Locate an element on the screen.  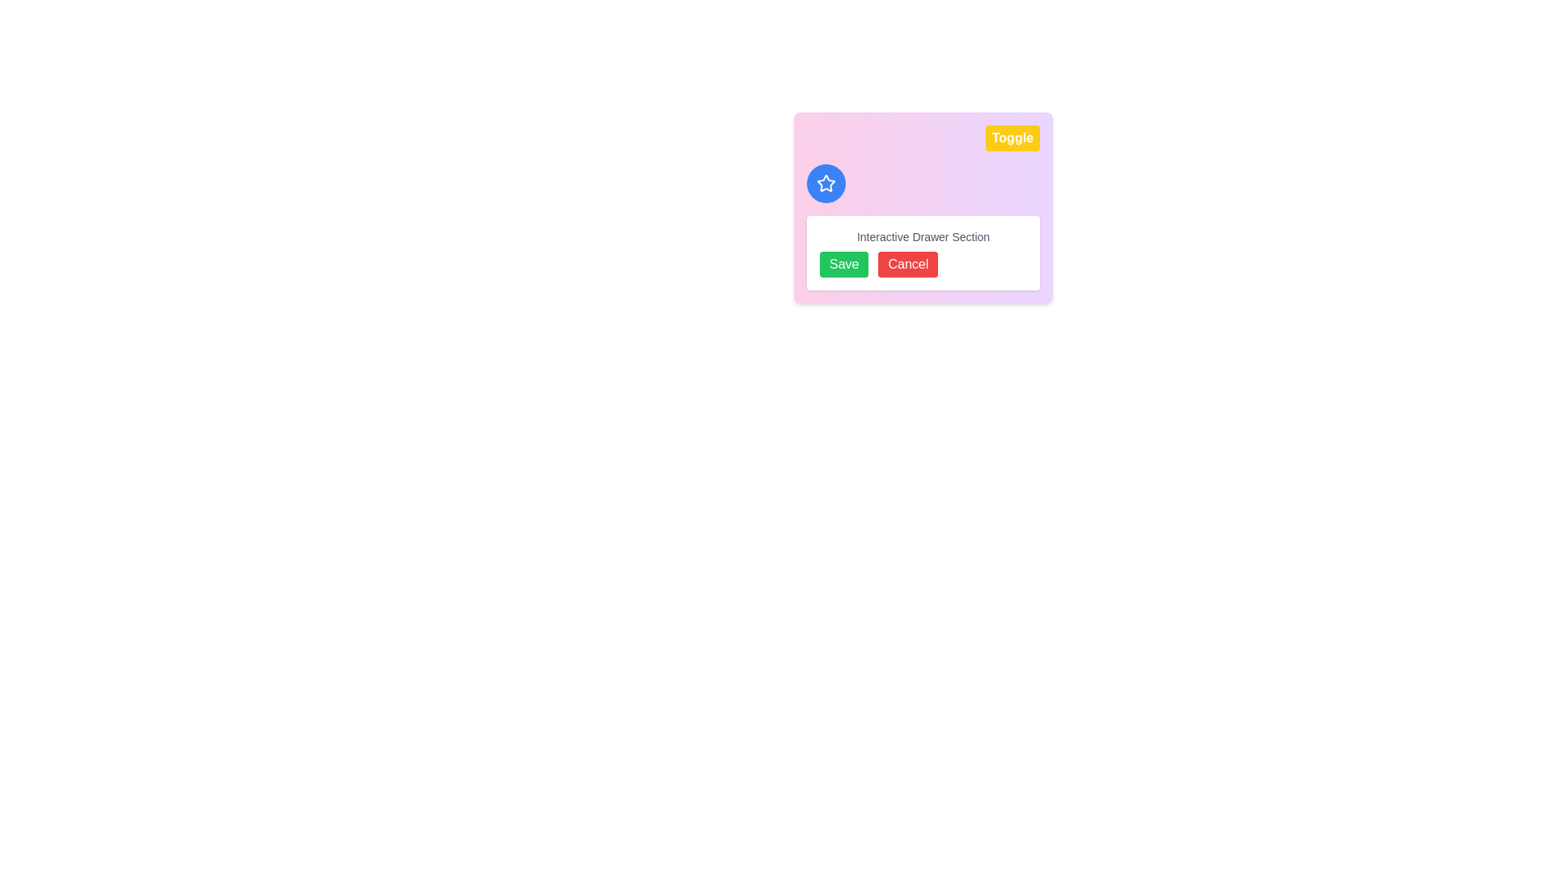
the star-shaped icon outlined in white, which is centrally located within a blue circular background on the upper-left side of the card-like interface is located at coordinates (826, 183).